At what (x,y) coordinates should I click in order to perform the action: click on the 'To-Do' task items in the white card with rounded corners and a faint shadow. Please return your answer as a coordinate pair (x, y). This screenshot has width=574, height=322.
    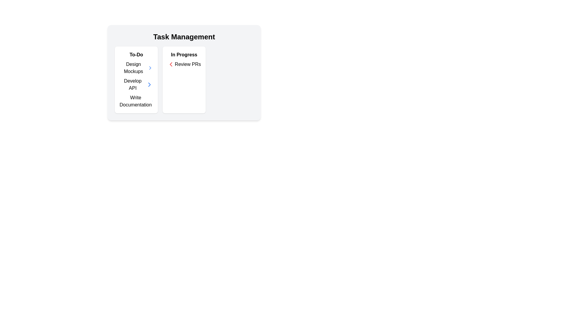
    Looking at the image, I should click on (136, 79).